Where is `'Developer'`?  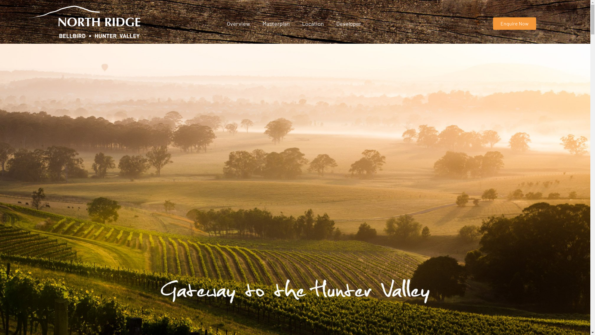 'Developer' is located at coordinates (349, 23).